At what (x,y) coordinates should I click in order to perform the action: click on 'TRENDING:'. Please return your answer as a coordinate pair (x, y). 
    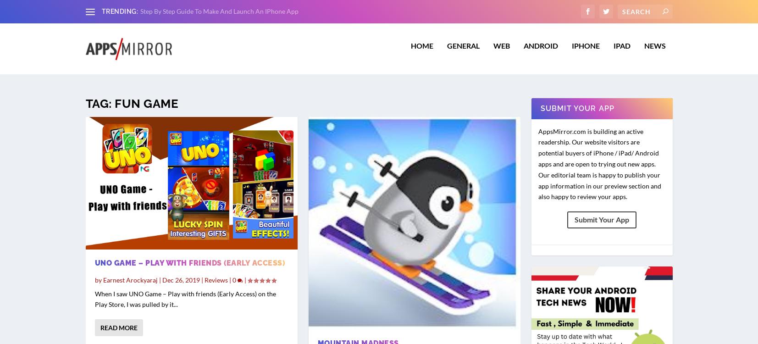
    Looking at the image, I should click on (119, 11).